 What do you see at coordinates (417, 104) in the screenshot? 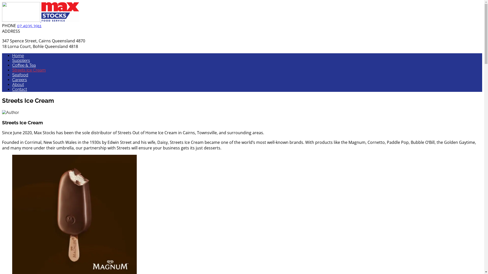
I see `'CREDIT APPLICATION'` at bounding box center [417, 104].